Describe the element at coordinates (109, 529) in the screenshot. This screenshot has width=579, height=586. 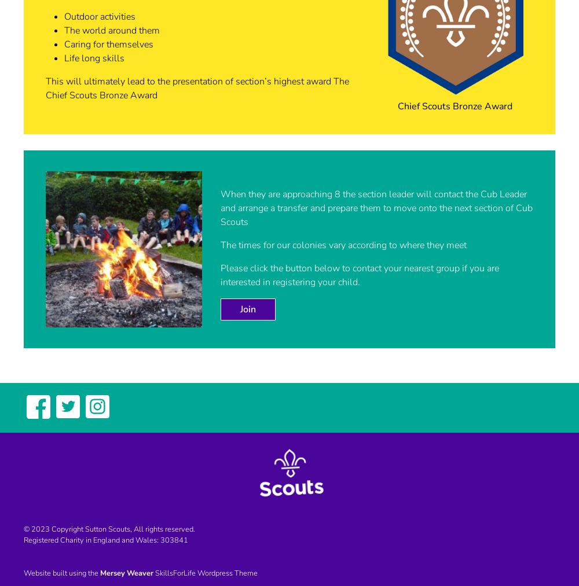
I see `'© 2023 Copyright Sutton Scouts, All rights reserved.'` at that location.